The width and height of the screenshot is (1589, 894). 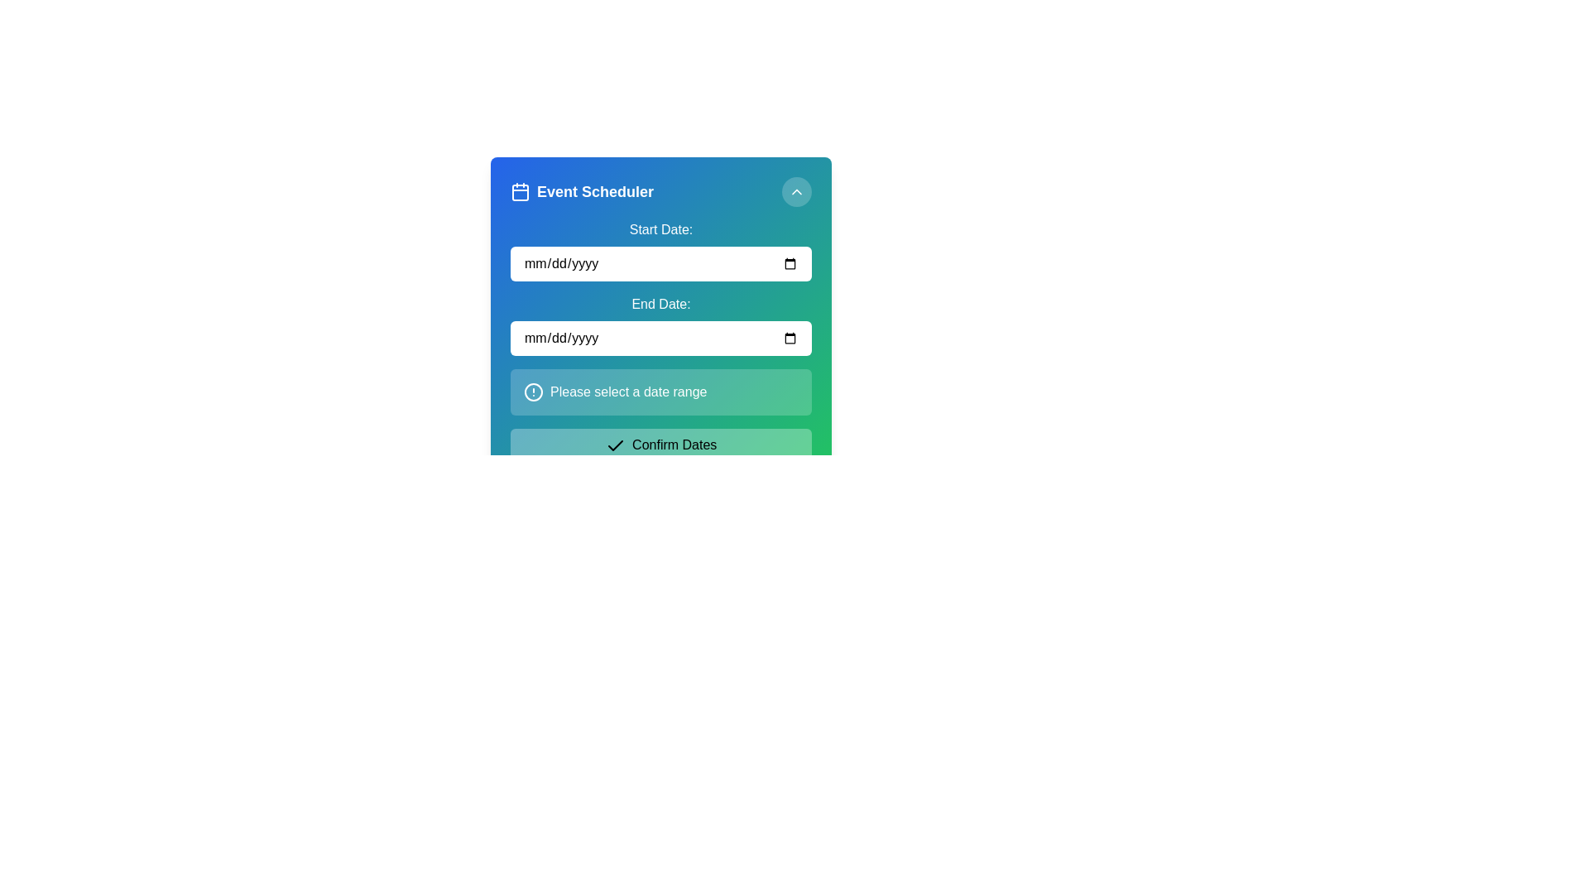 I want to click on the light-colored input field labeled 'End Date:' to focus it, so click(x=660, y=319).